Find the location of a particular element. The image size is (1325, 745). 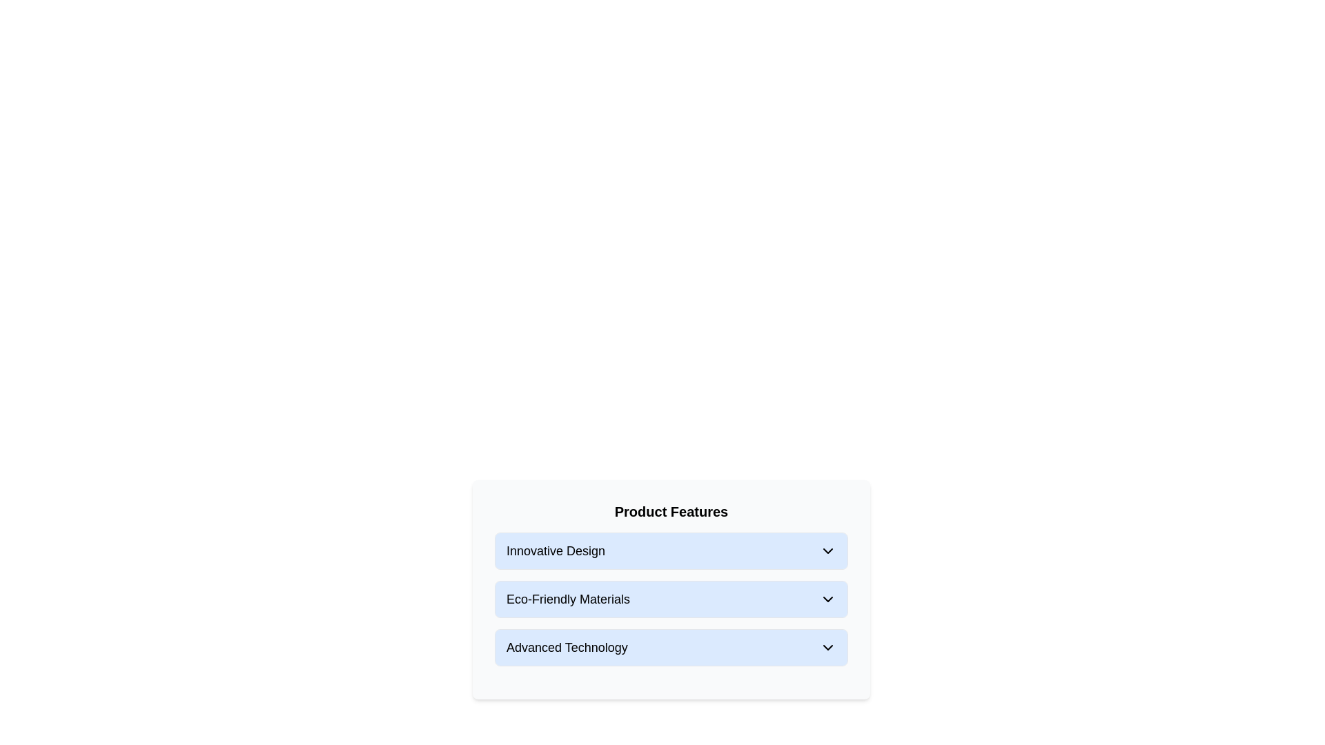

the 'Innovative Design' text label, which describes a feature in the 'Product Features' section of the UI is located at coordinates (556, 550).